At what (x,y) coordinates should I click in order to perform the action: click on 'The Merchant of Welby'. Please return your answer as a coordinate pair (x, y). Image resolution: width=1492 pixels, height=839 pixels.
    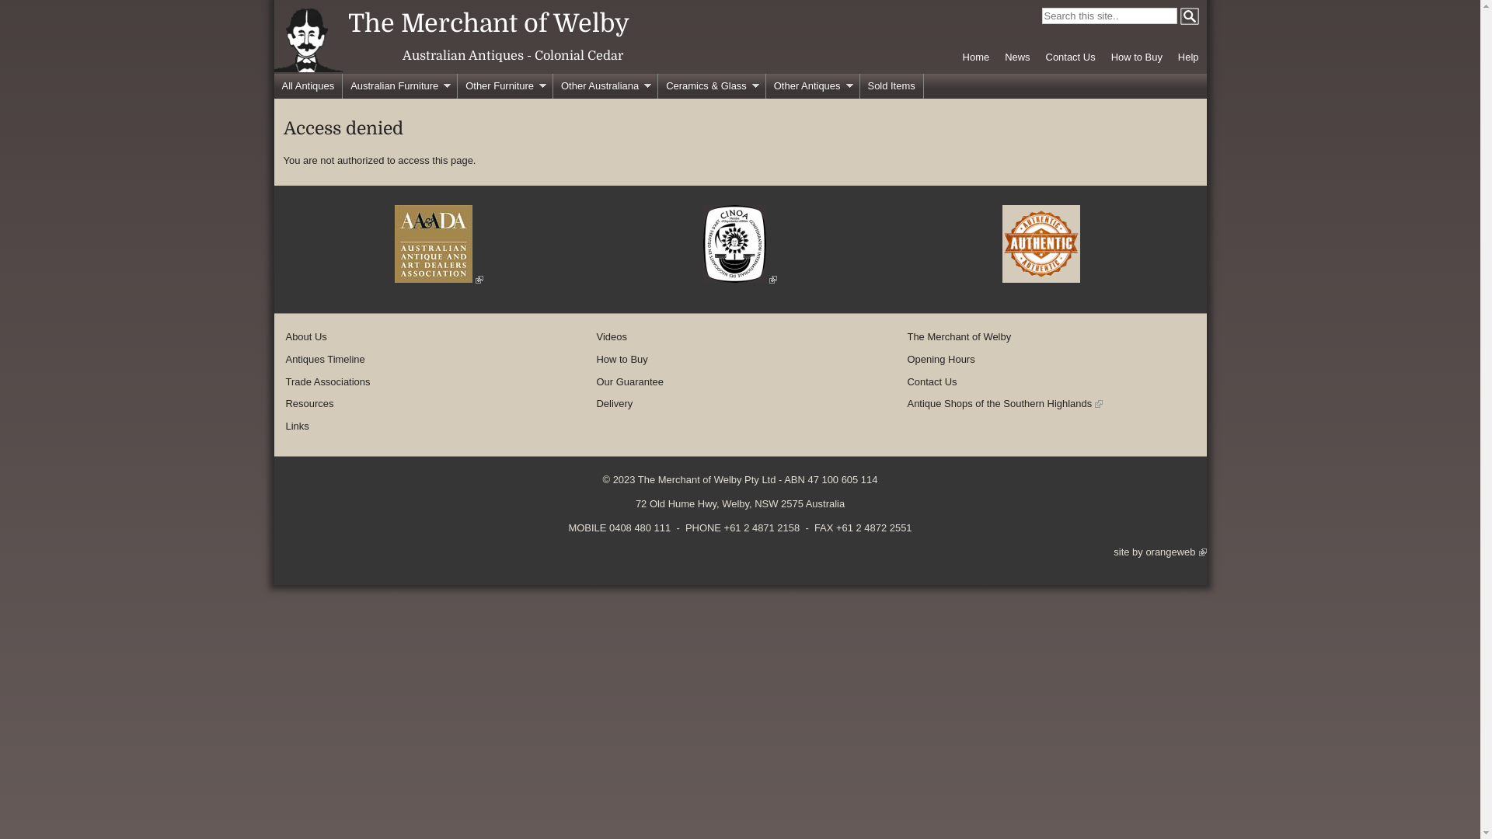
    Looking at the image, I should click on (487, 23).